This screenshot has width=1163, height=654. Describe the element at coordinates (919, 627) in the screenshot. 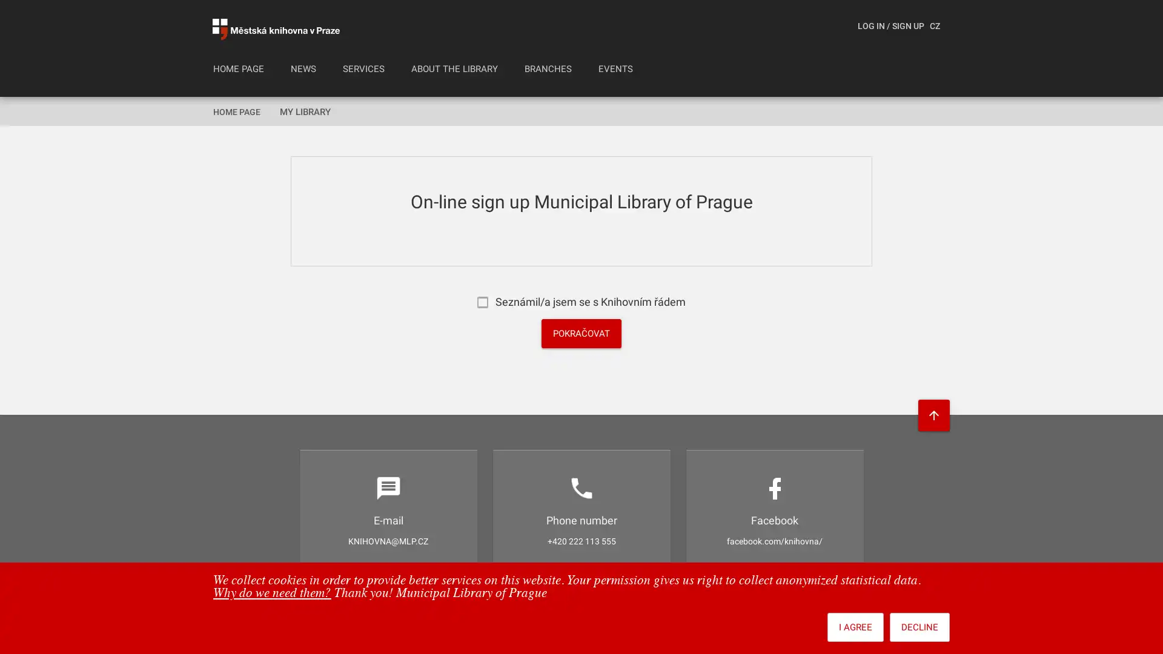

I see `DECLINE` at that location.